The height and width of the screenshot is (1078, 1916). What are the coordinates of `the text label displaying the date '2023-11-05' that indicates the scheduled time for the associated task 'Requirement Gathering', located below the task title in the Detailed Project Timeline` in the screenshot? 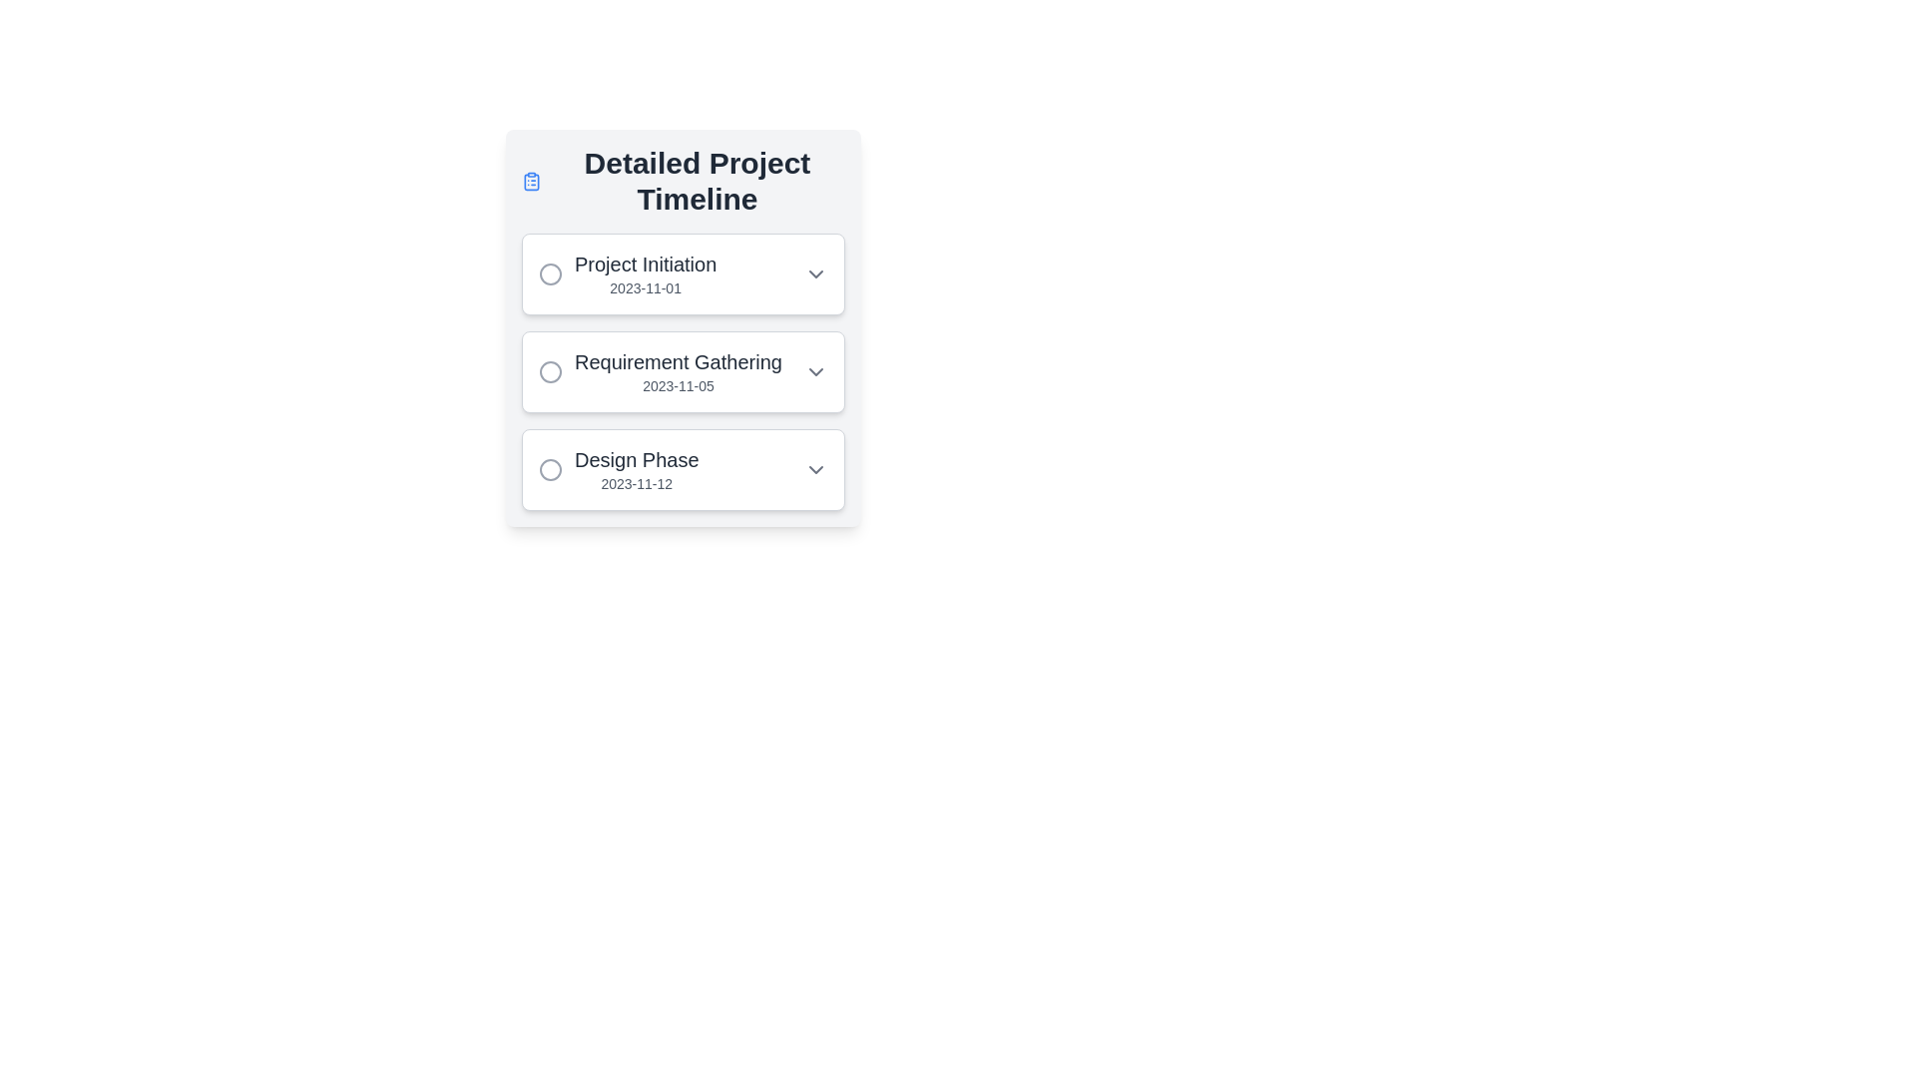 It's located at (678, 385).